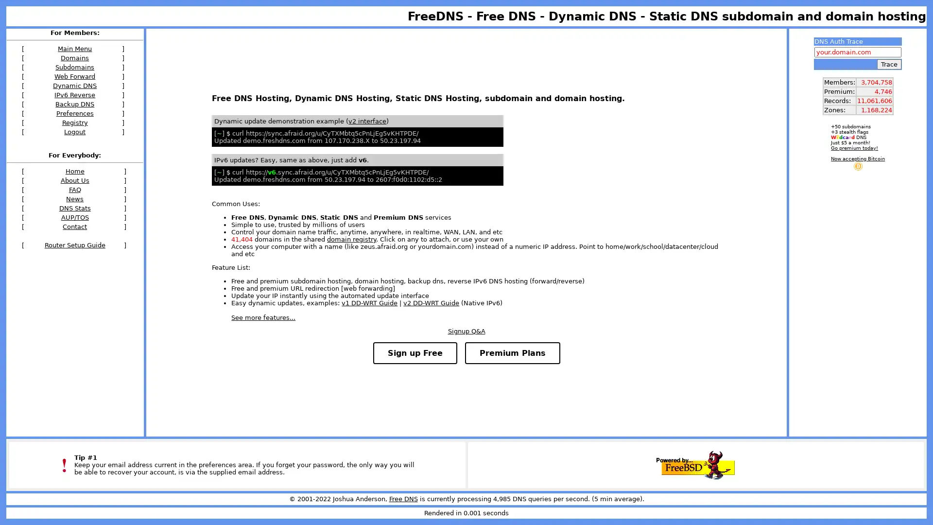 This screenshot has width=933, height=525. What do you see at coordinates (889, 64) in the screenshot?
I see `Trace` at bounding box center [889, 64].